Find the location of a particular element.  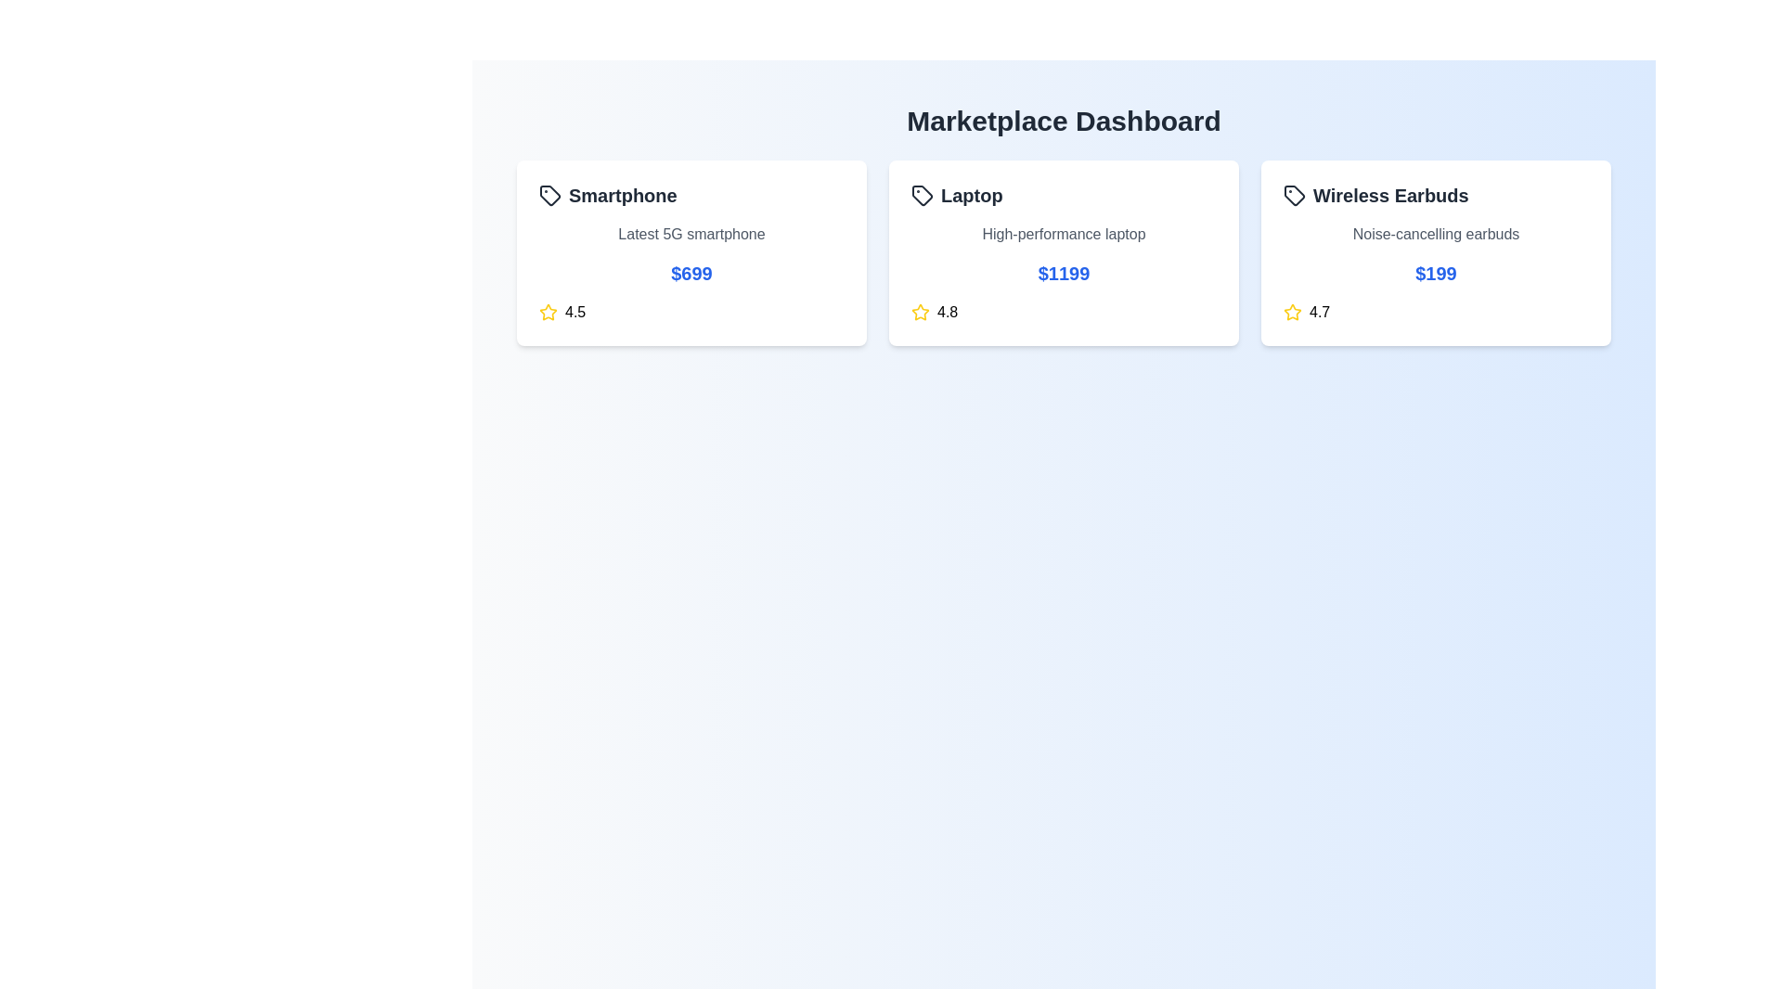

the star icon representing a 4.5-star rating located in the bottom-left section of the 'Smartphone' product card is located at coordinates (547, 311).